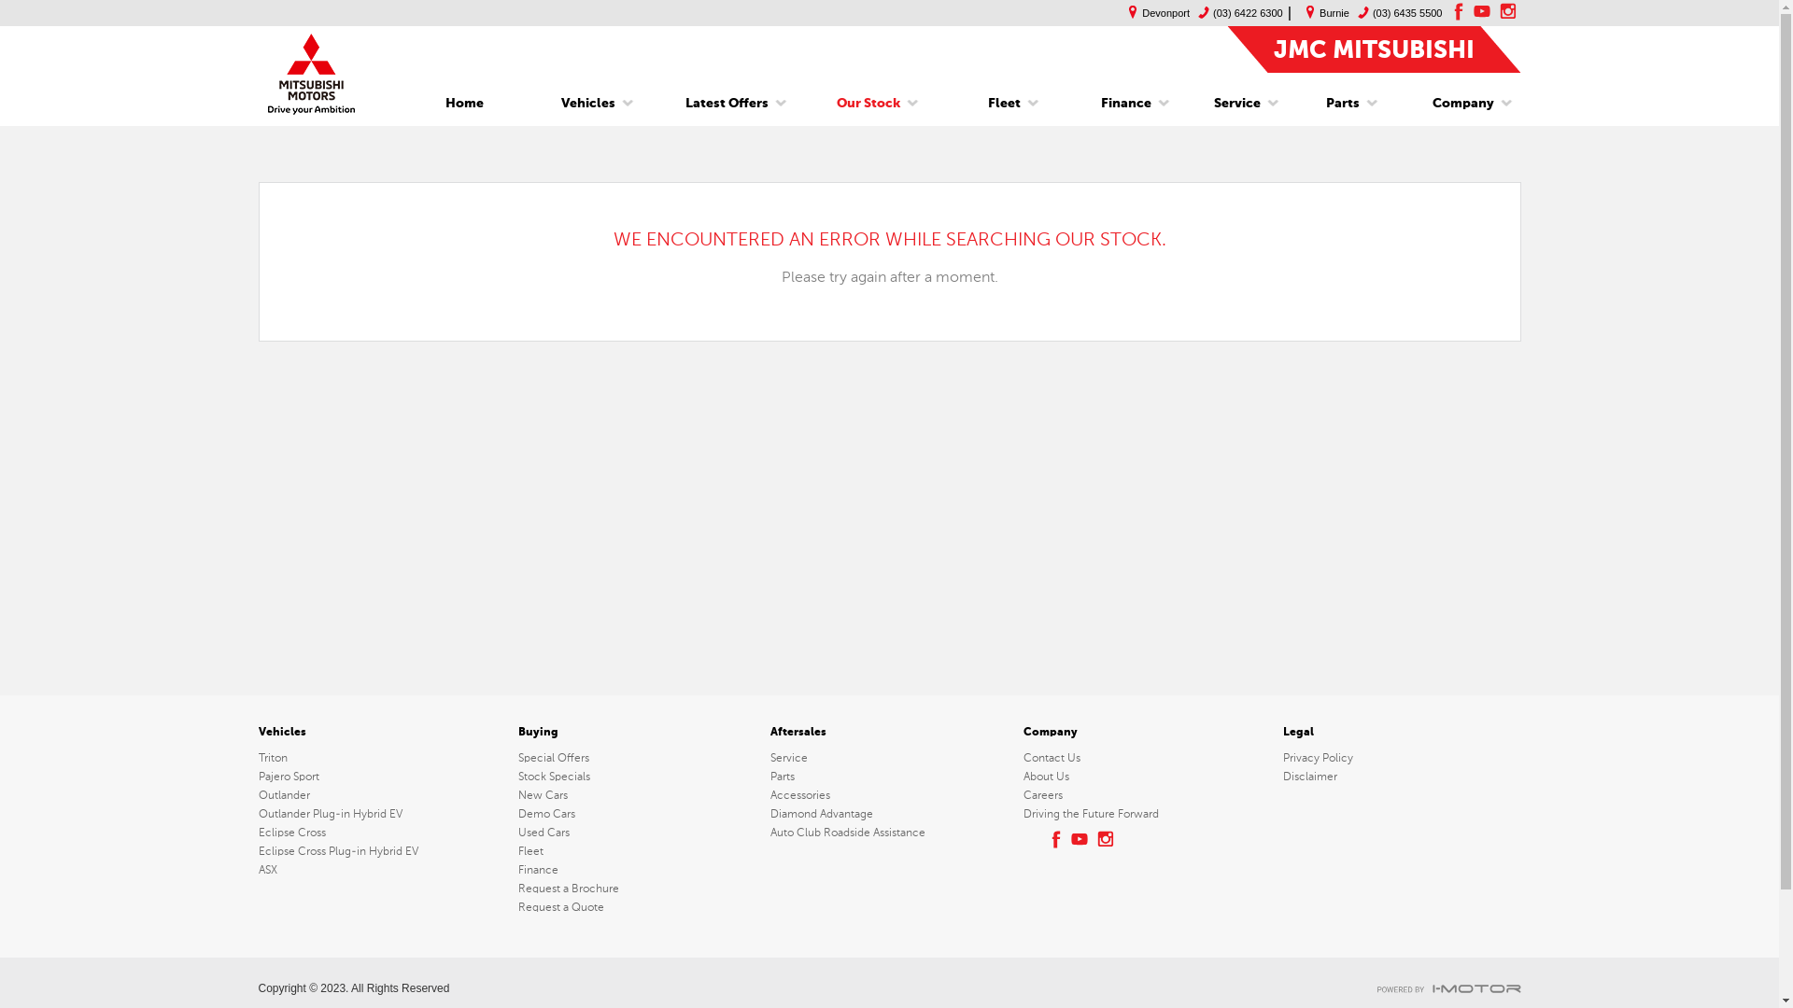 This screenshot has height=1008, width=1793. What do you see at coordinates (1141, 812) in the screenshot?
I see `'Driving the Future Forward'` at bounding box center [1141, 812].